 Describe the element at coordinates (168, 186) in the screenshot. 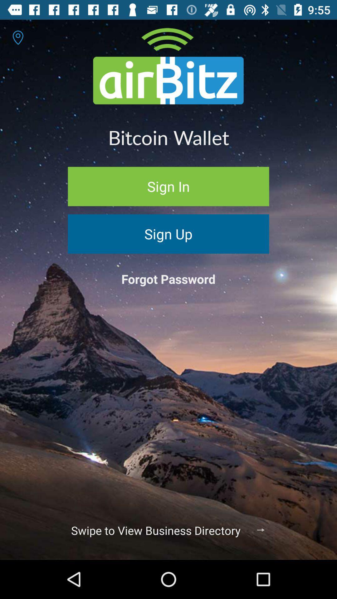

I see `sign in icon` at that location.